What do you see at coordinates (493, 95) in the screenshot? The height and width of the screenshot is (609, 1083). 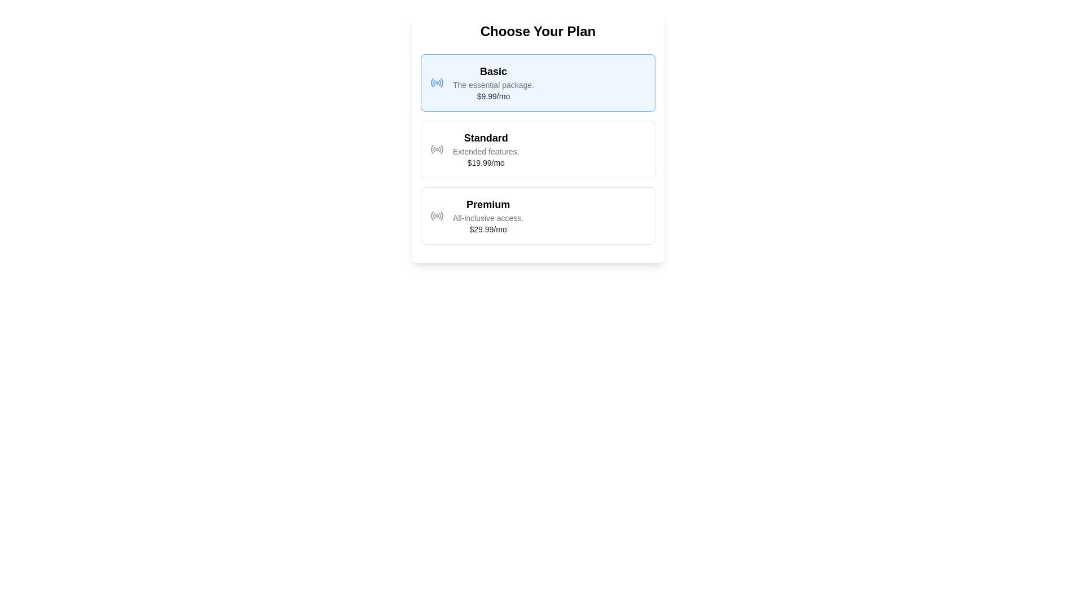 I see `the price label displaying the 'Basic' subscription plan, which is located beneath the subtitle 'The essential package.'` at bounding box center [493, 95].